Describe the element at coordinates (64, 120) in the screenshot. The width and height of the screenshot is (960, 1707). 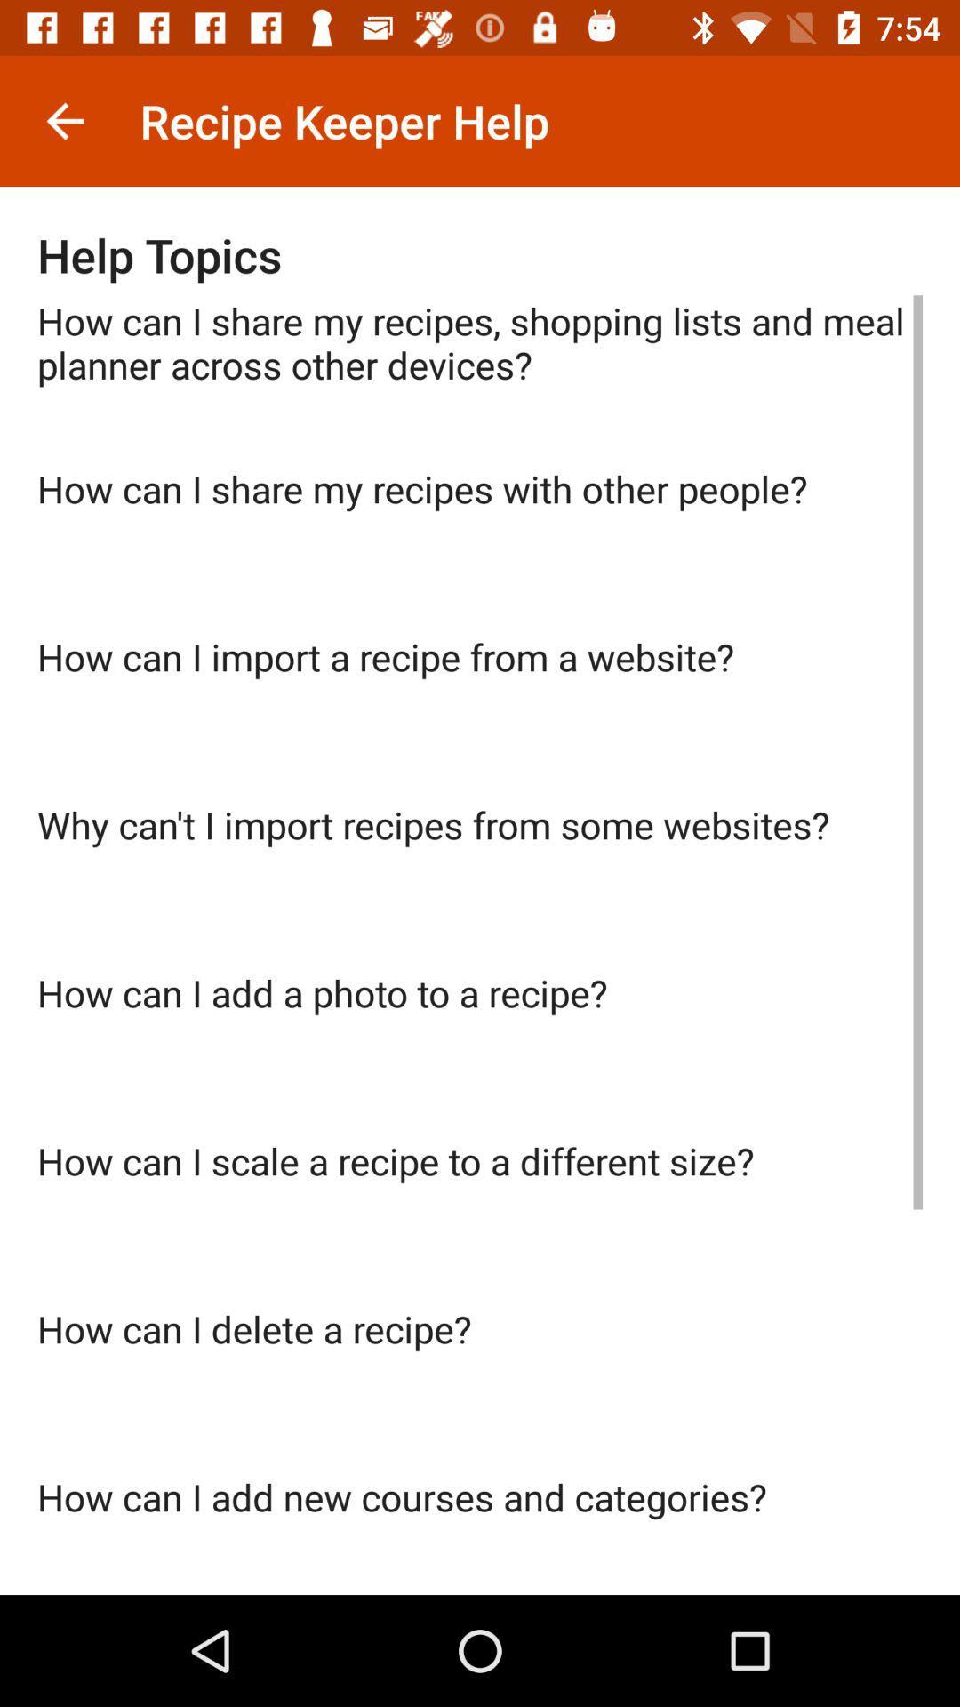
I see `the item above the help topics icon` at that location.